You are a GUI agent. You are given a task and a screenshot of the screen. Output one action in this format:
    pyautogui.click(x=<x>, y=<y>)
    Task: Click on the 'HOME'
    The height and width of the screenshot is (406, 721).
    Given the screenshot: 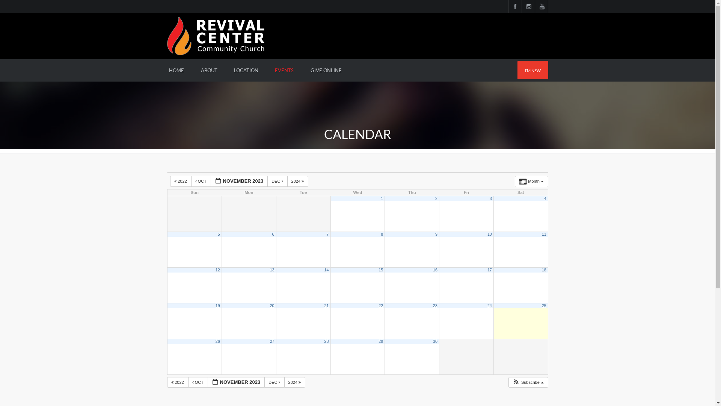 What is the action you would take?
    pyautogui.click(x=176, y=70)
    